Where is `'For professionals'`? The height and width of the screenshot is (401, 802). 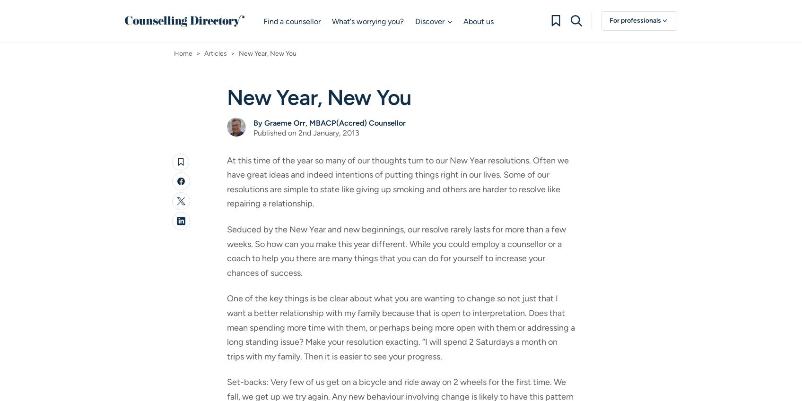
'For professionals' is located at coordinates (609, 20).